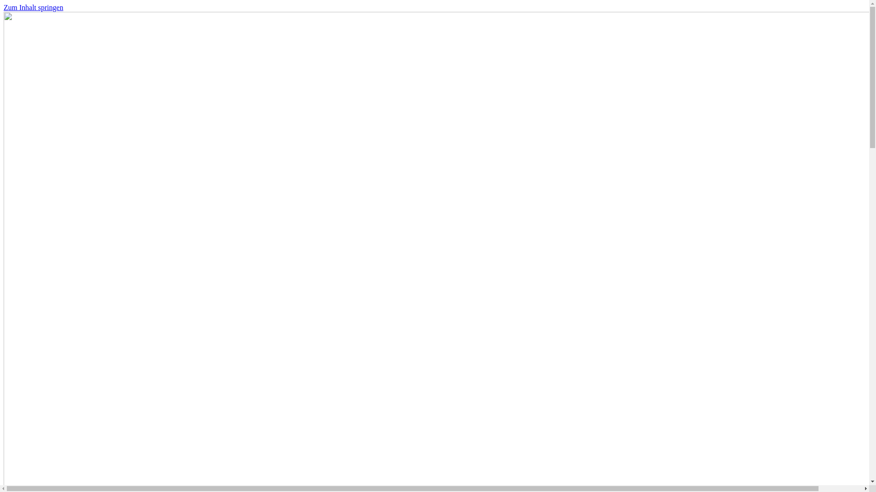 The image size is (876, 492). I want to click on 'Zum Inhalt springen', so click(4, 7).